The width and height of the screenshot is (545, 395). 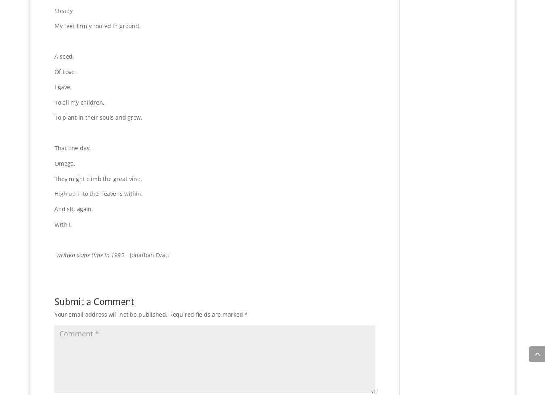 I want to click on 'To plant in their souls and grow.', so click(x=55, y=117).